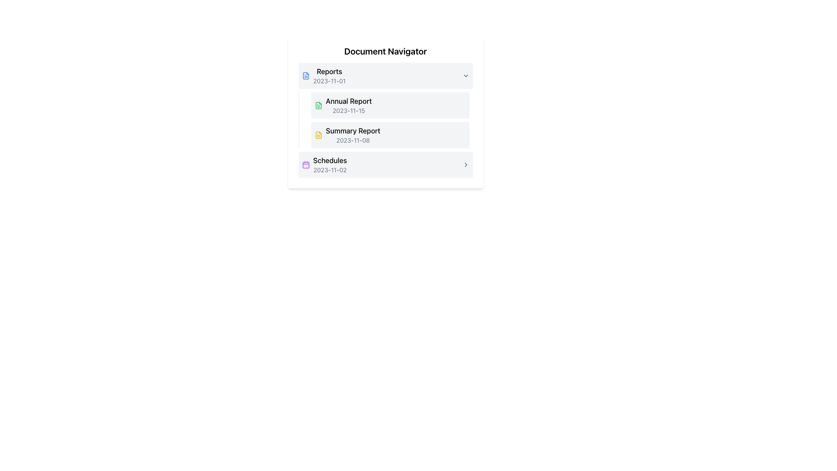 Image resolution: width=837 pixels, height=471 pixels. What do you see at coordinates (330, 160) in the screenshot?
I see `the 'Schedules' label, which is the first part of a pair with the date '2023-11-02', located in the 'Document Navigator' section and visually indicated by a purple calendar icon` at bounding box center [330, 160].